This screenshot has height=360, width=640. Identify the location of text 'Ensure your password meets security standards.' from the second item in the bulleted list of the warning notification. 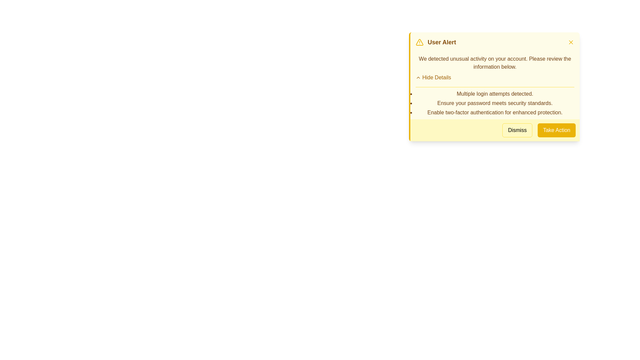
(495, 103).